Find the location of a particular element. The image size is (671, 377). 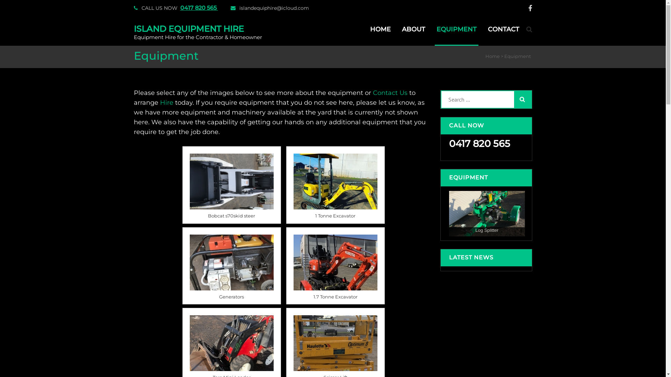

'ABOUT' is located at coordinates (413, 35).